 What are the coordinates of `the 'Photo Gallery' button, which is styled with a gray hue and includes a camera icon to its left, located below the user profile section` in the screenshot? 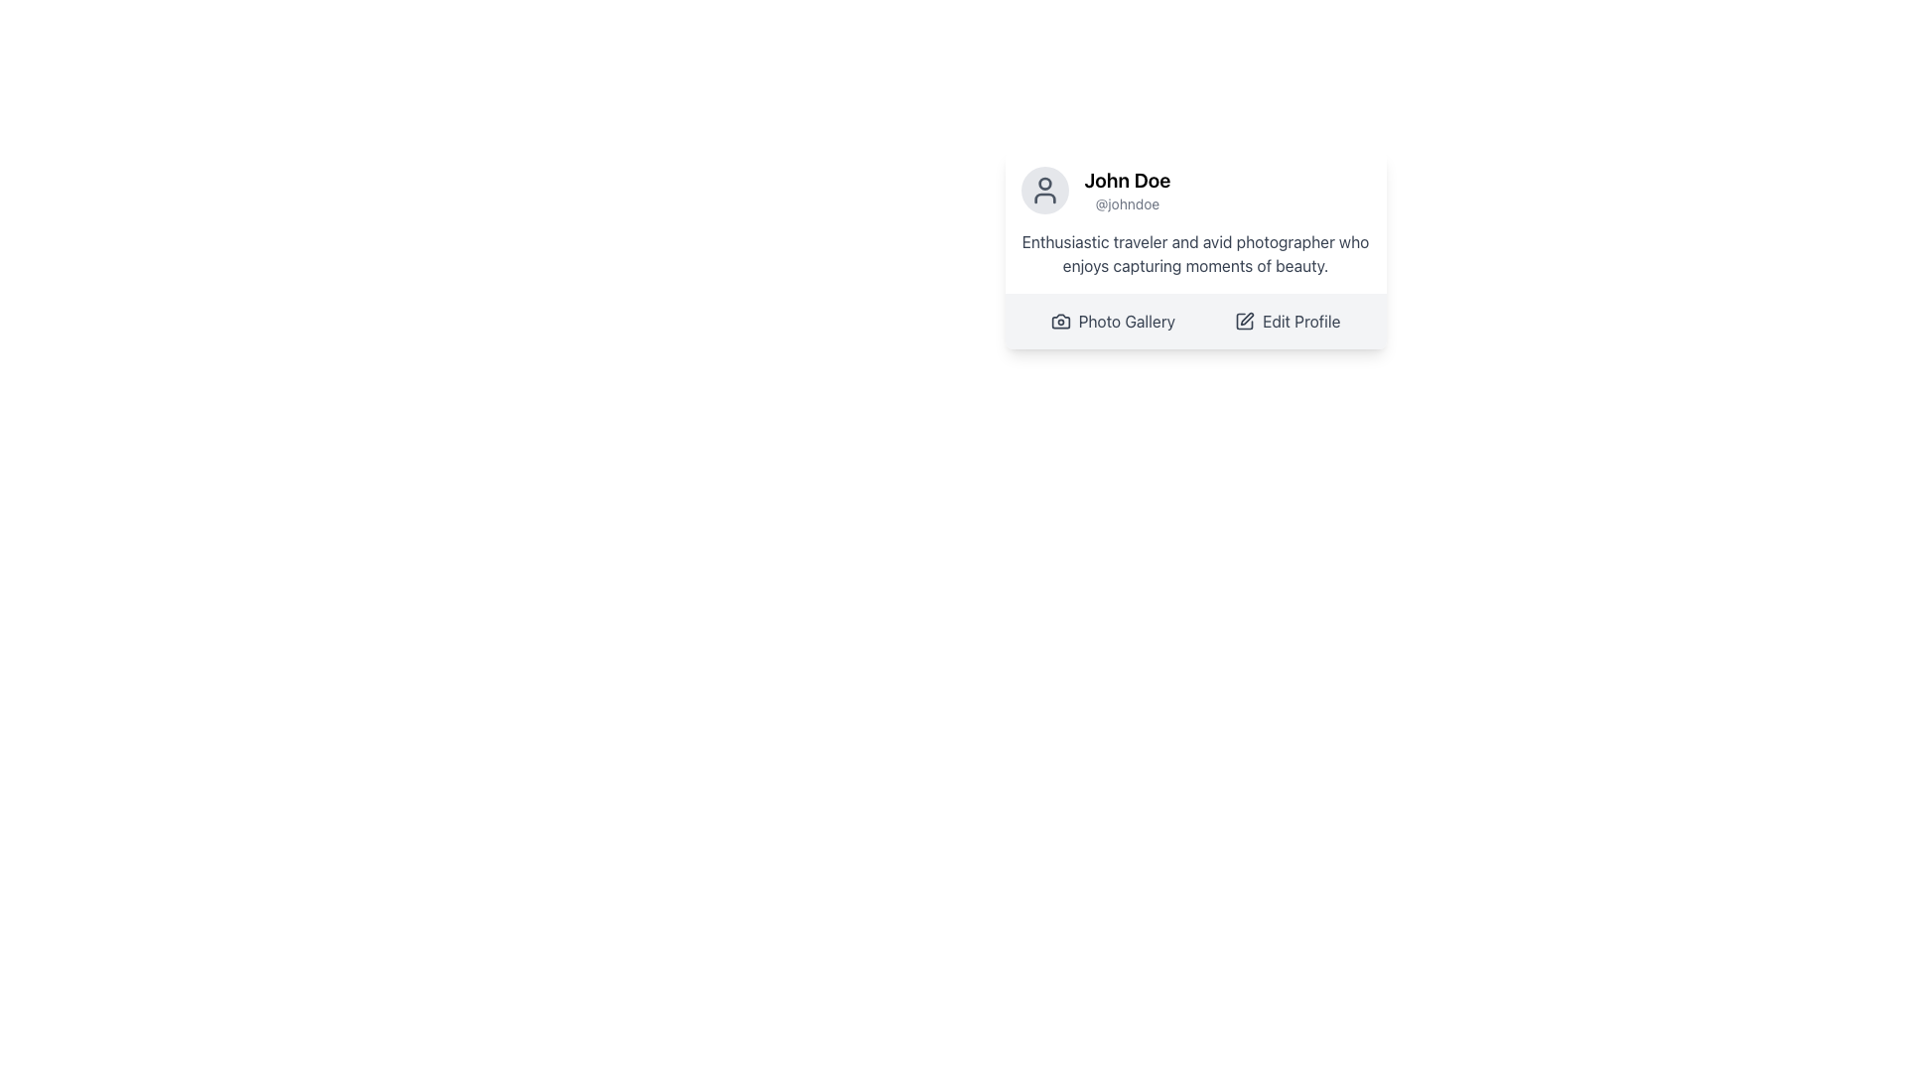 It's located at (1113, 321).